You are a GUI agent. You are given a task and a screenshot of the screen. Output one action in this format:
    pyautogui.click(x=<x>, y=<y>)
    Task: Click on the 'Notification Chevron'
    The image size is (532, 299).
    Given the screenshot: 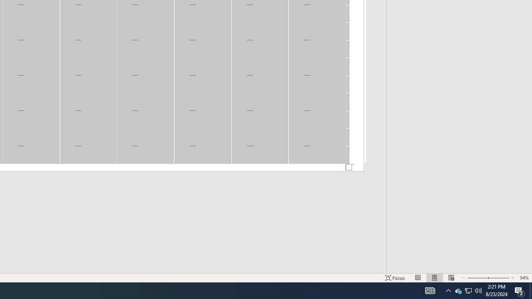 What is the action you would take?
    pyautogui.click(x=448, y=290)
    